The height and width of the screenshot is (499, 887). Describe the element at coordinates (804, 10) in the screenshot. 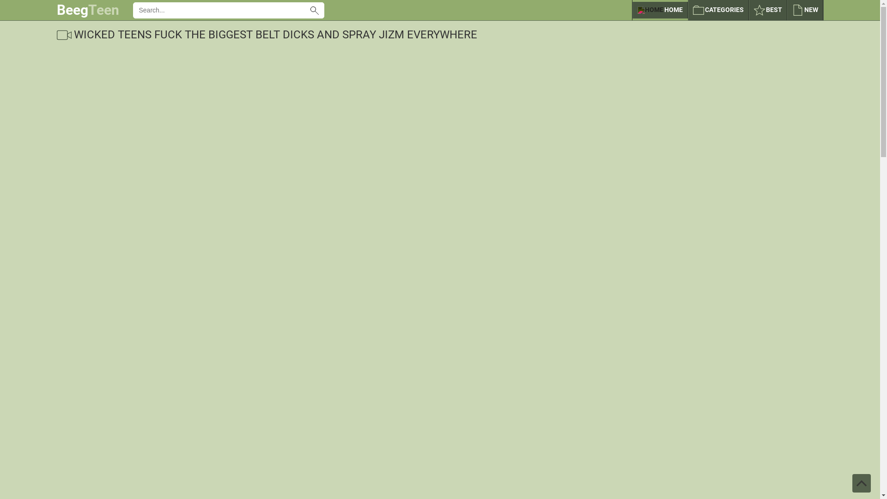

I see `'NEW'` at that location.